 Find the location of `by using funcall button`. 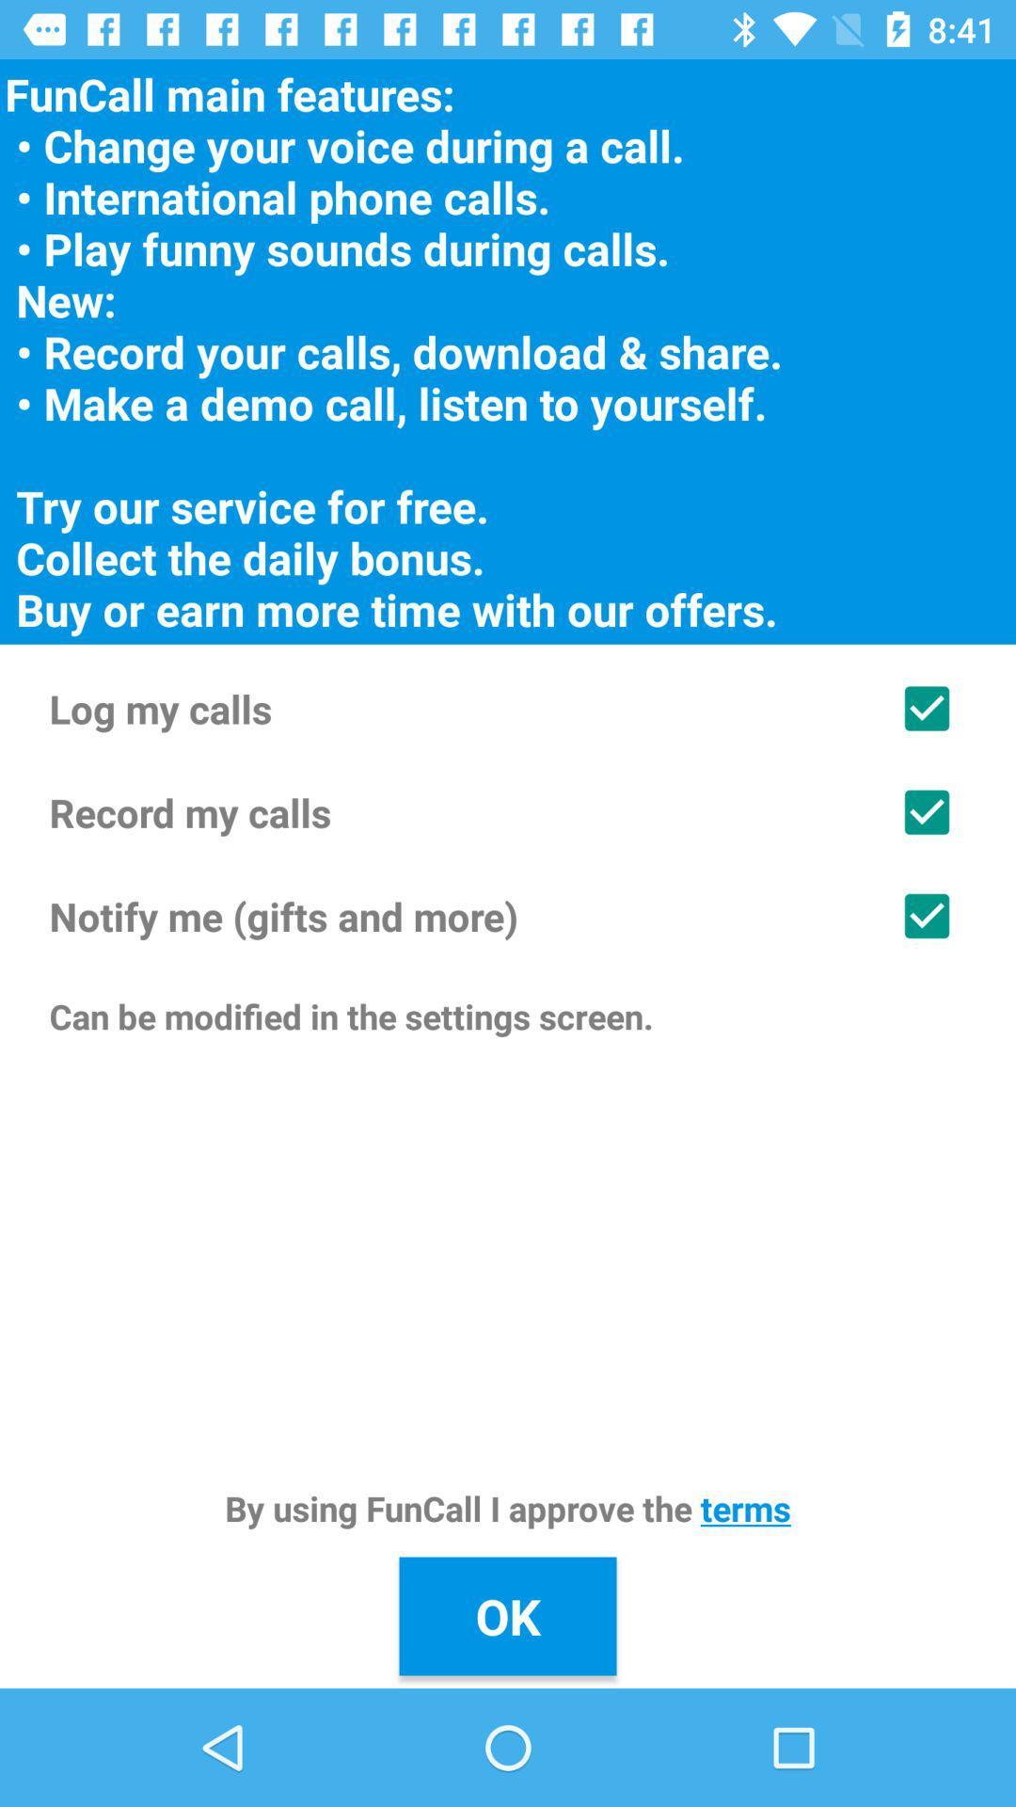

by using funcall button is located at coordinates (508, 1508).